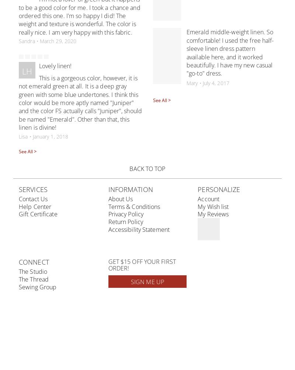  What do you see at coordinates (33, 271) in the screenshot?
I see `'The Studio'` at bounding box center [33, 271].